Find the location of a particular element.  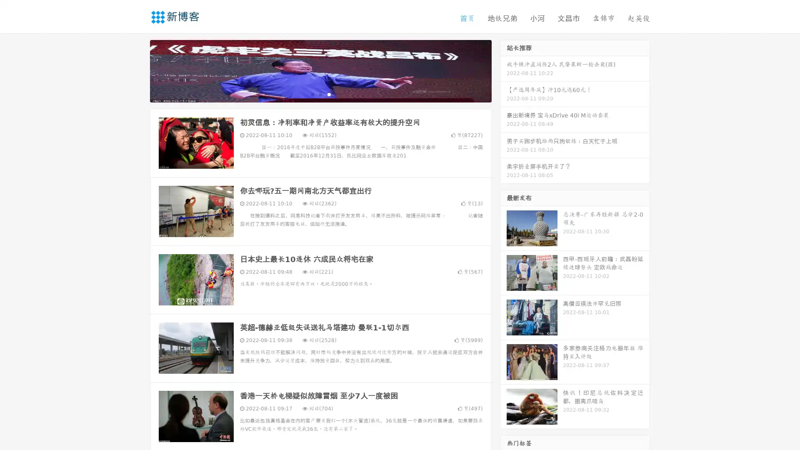

Next slide is located at coordinates (503, 70).